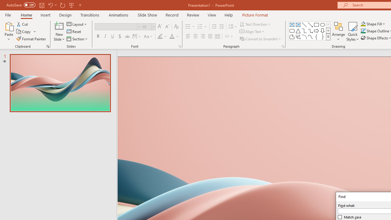  Describe the element at coordinates (90, 15) in the screenshot. I see `'Transitions'` at that location.